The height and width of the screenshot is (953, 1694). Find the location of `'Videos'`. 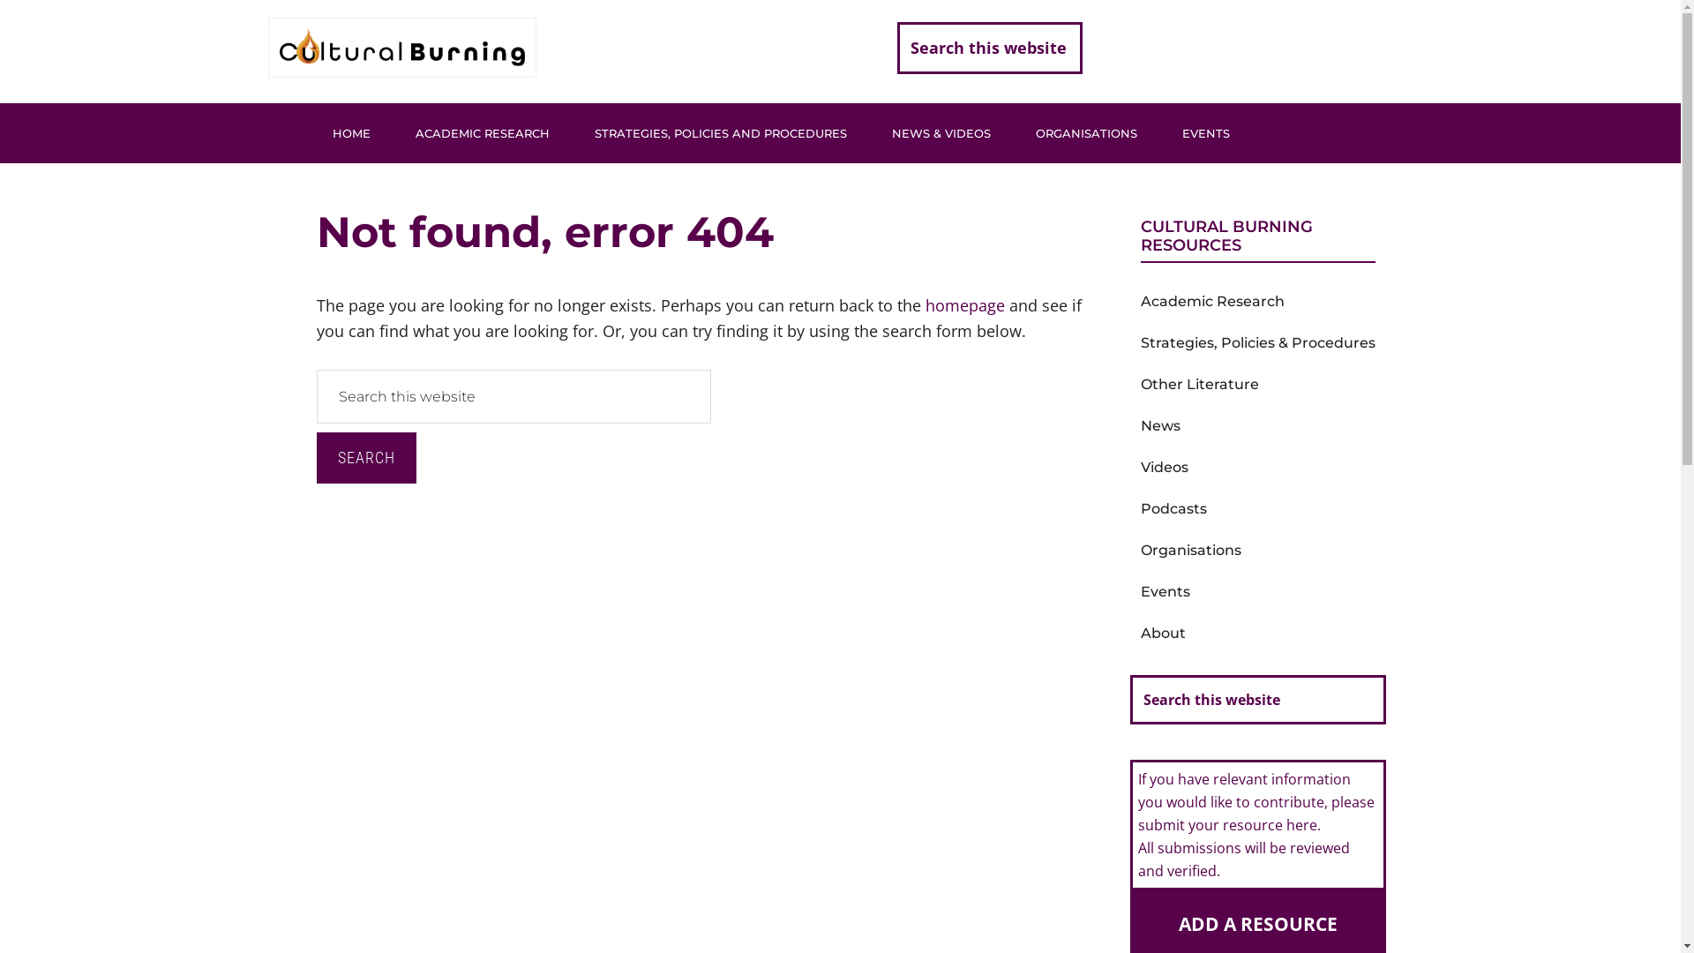

'Videos' is located at coordinates (1139, 466).